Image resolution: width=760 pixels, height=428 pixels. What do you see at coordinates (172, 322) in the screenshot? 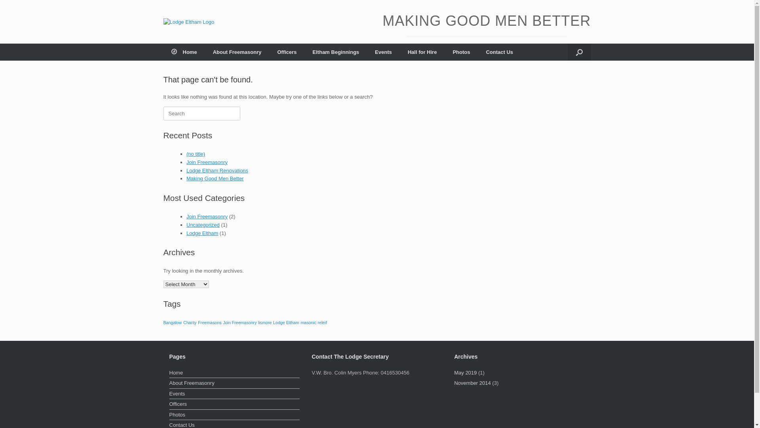
I see `'Bangalow'` at bounding box center [172, 322].